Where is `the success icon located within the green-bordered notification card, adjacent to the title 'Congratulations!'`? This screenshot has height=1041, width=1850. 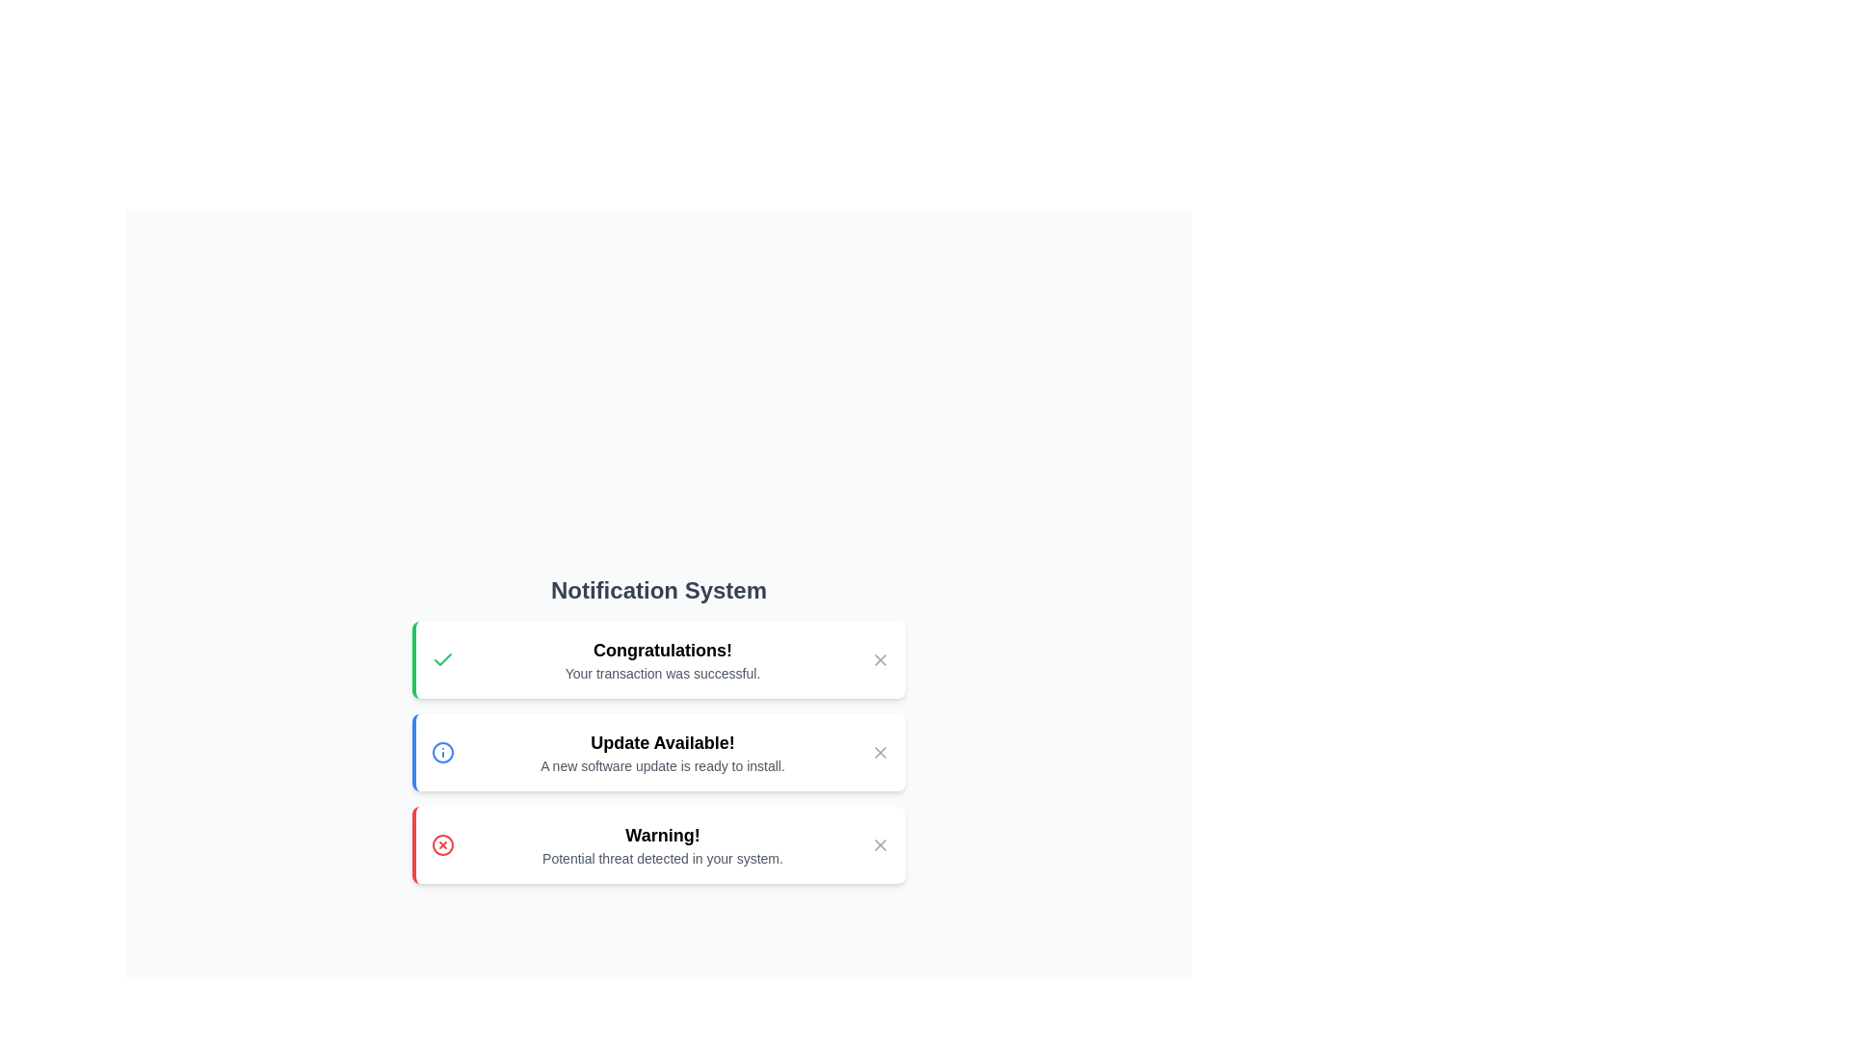 the success icon located within the green-bordered notification card, adjacent to the title 'Congratulations!' is located at coordinates (442, 657).